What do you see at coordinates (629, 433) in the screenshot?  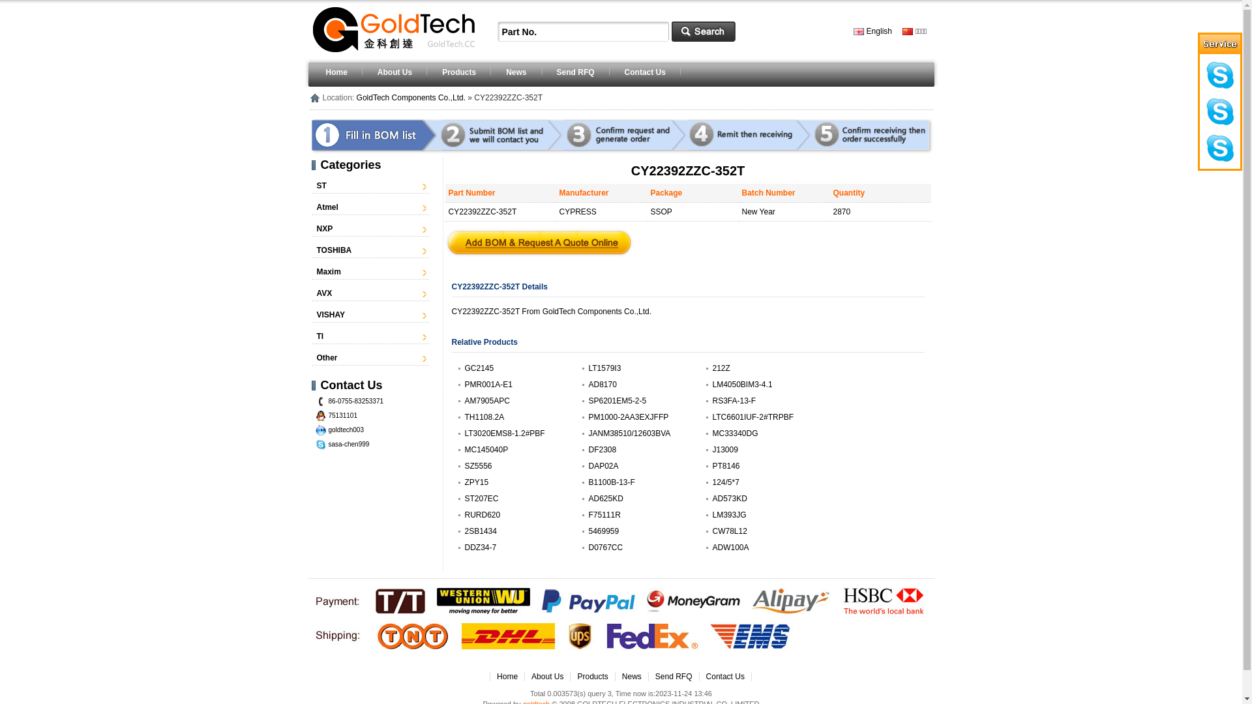 I see `'JANM38510/12603BVA'` at bounding box center [629, 433].